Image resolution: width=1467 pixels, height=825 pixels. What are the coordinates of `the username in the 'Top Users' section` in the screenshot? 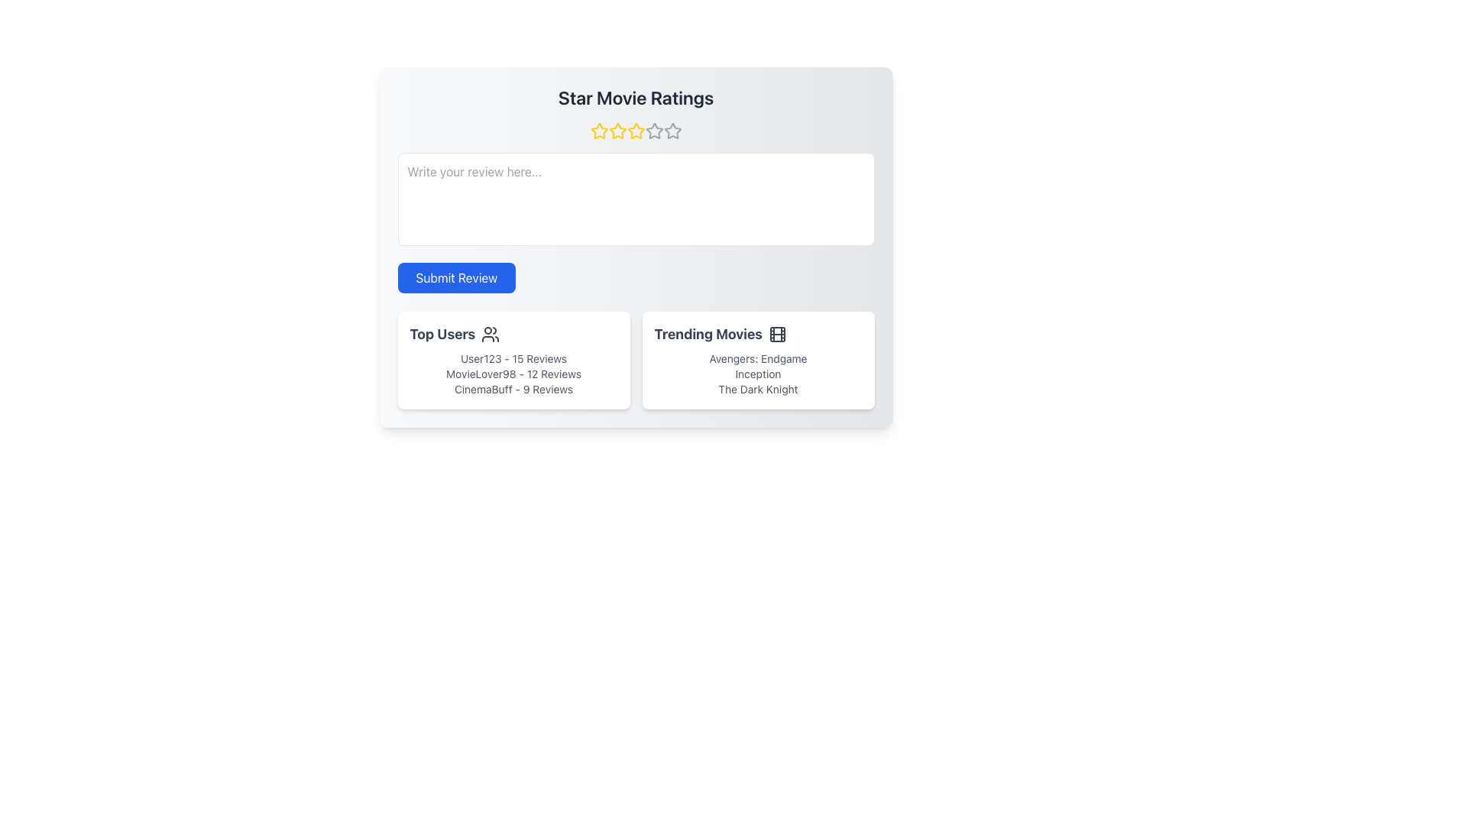 It's located at (513, 359).